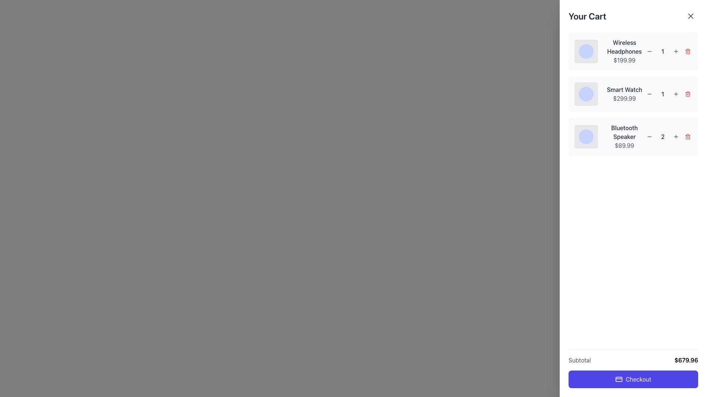  What do you see at coordinates (624, 47) in the screenshot?
I see `the text label displaying the product name 'Wireless Headphones' located in the 'Your Cart' section, positioned above the price label '$199.99'` at bounding box center [624, 47].